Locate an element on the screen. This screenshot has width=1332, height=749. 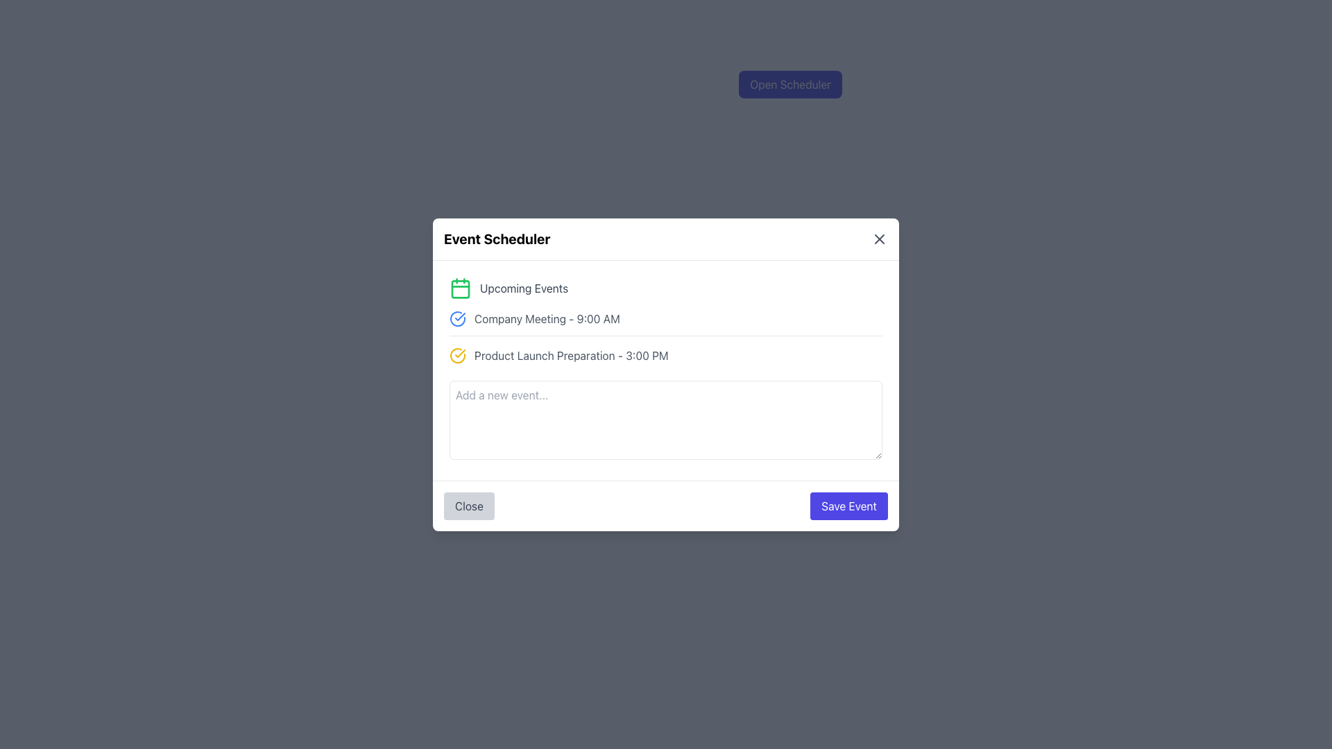
the button located in the top-right corner of the interface is located at coordinates (790, 85).